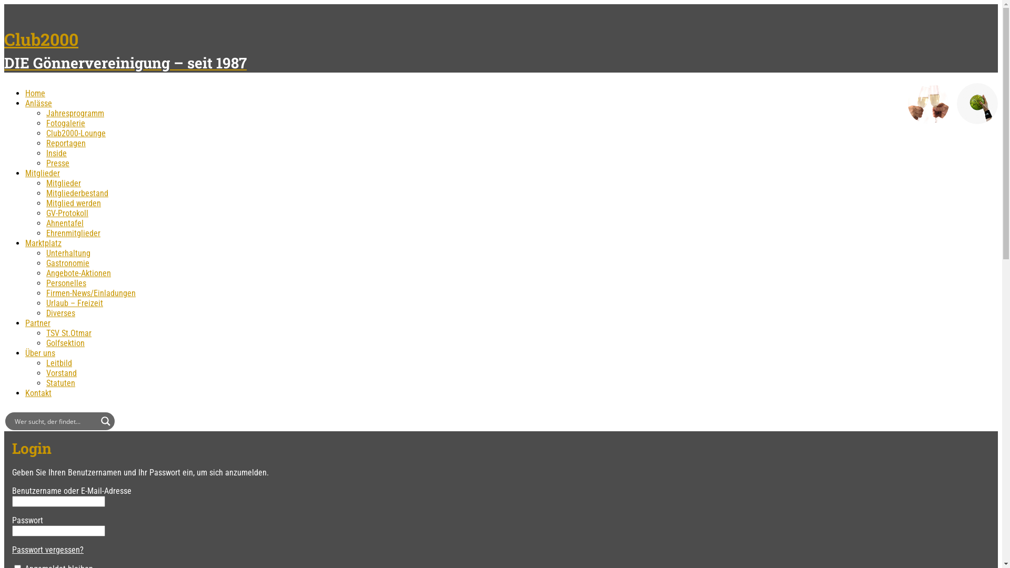 The width and height of the screenshot is (1010, 568). I want to click on 'GV-Protokoll', so click(67, 213).